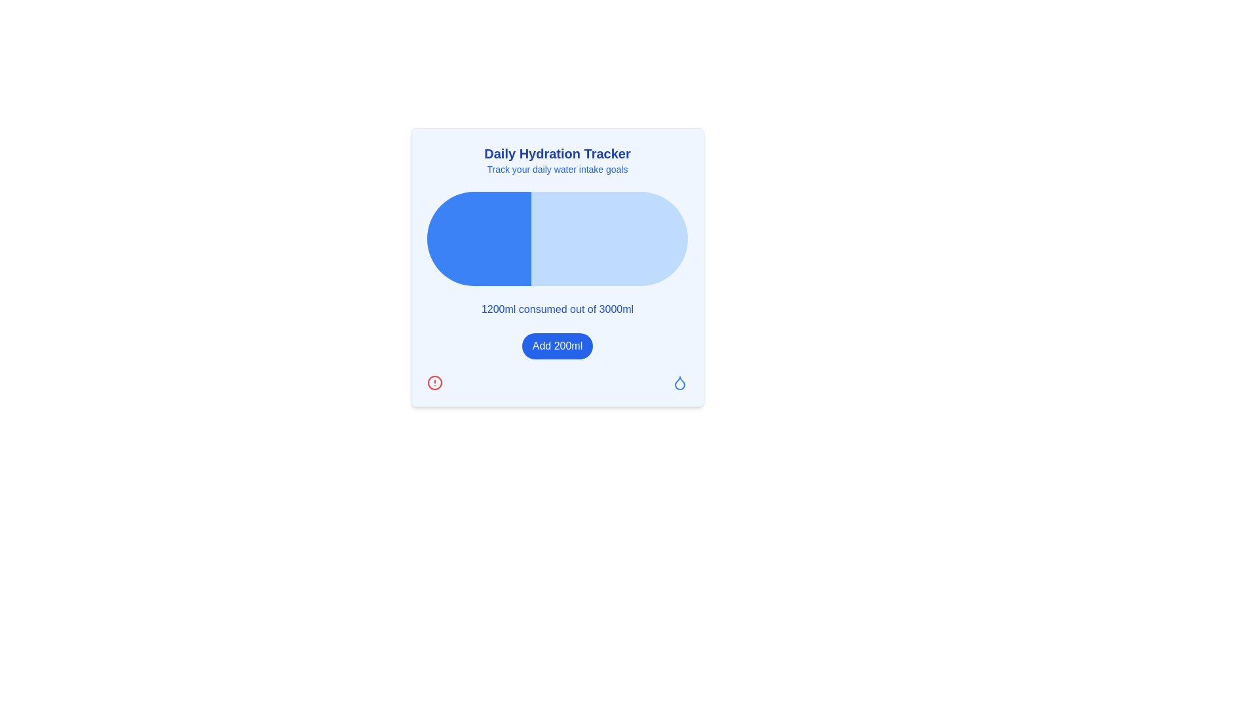  I want to click on the text element labeled 'Daily Hydration Tracker', which is prominently styled in bold and blue color, located at the top of the hydration tracking section, so click(557, 153).